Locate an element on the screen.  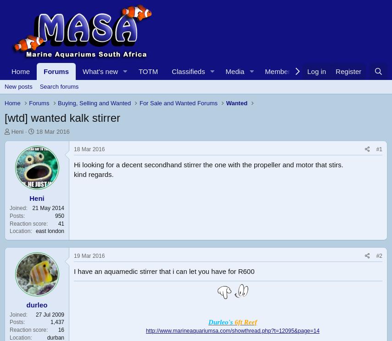
'Log in' is located at coordinates (307, 71).